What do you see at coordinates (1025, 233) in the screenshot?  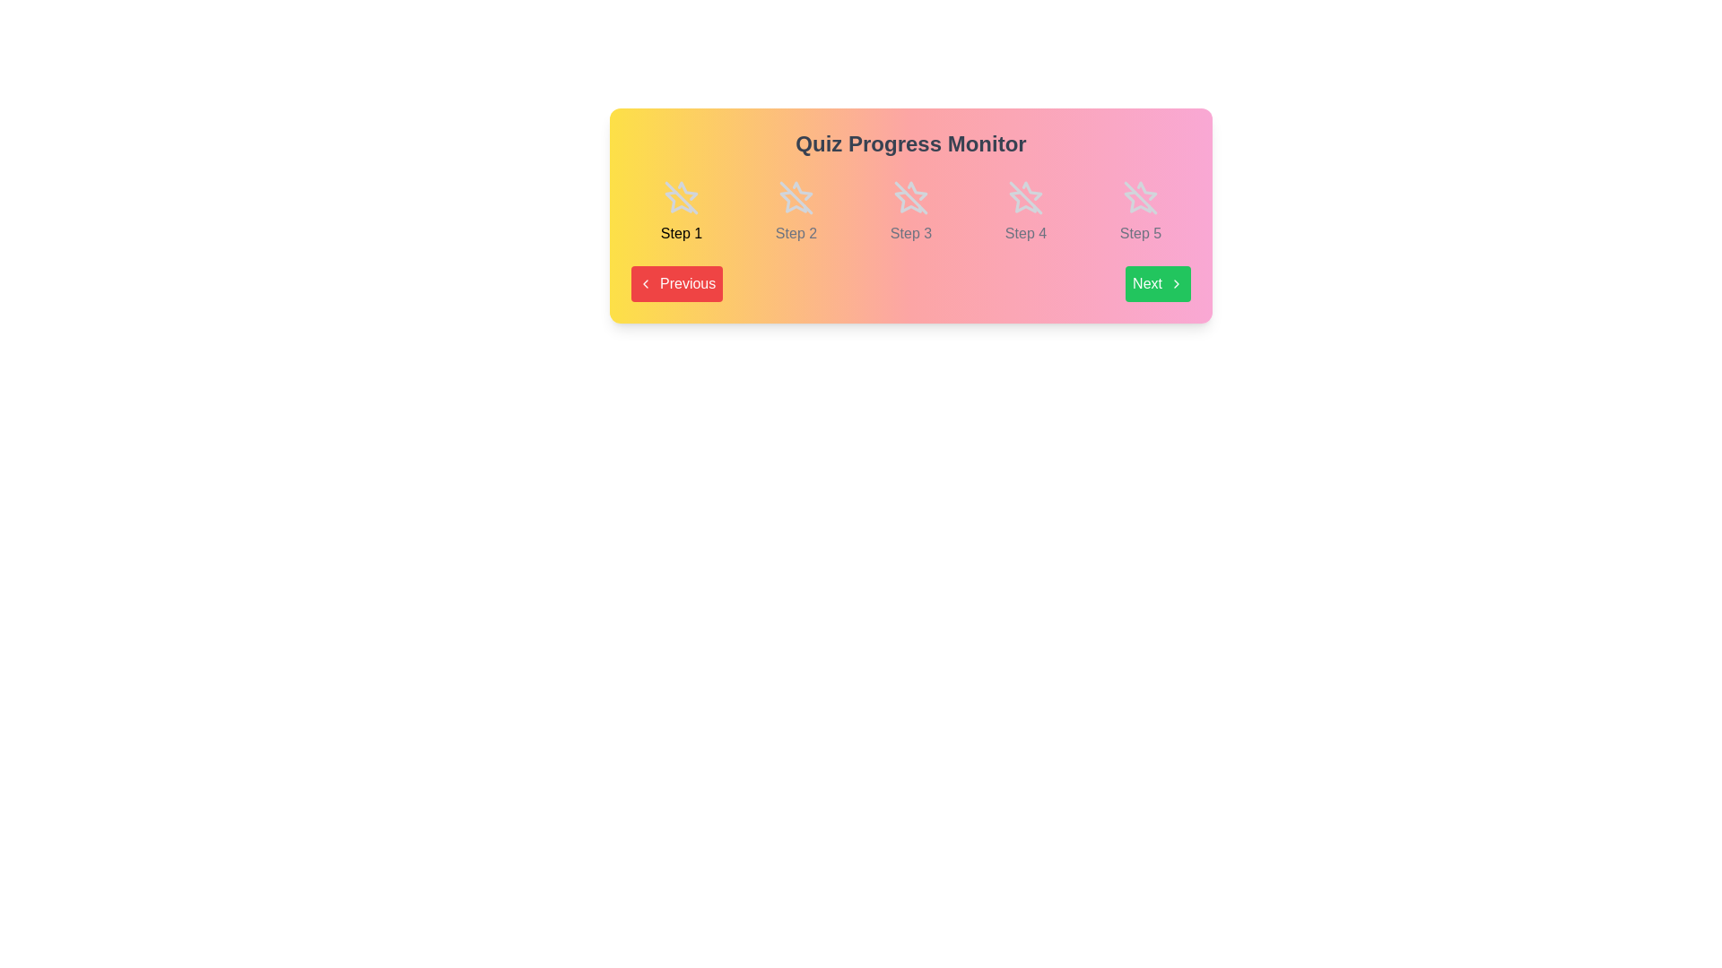 I see `the text label element displaying 'Step 4', which is styled in muted gray and is the fourth step in a horizontal sequence of steps` at bounding box center [1025, 233].